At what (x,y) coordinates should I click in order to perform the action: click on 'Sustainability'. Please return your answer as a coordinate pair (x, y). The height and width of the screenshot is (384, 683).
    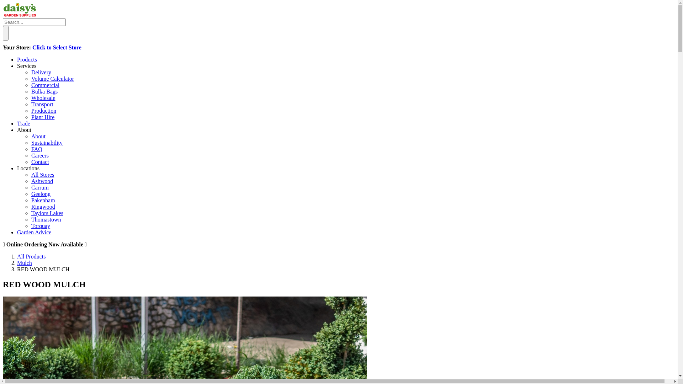
    Looking at the image, I should click on (46, 143).